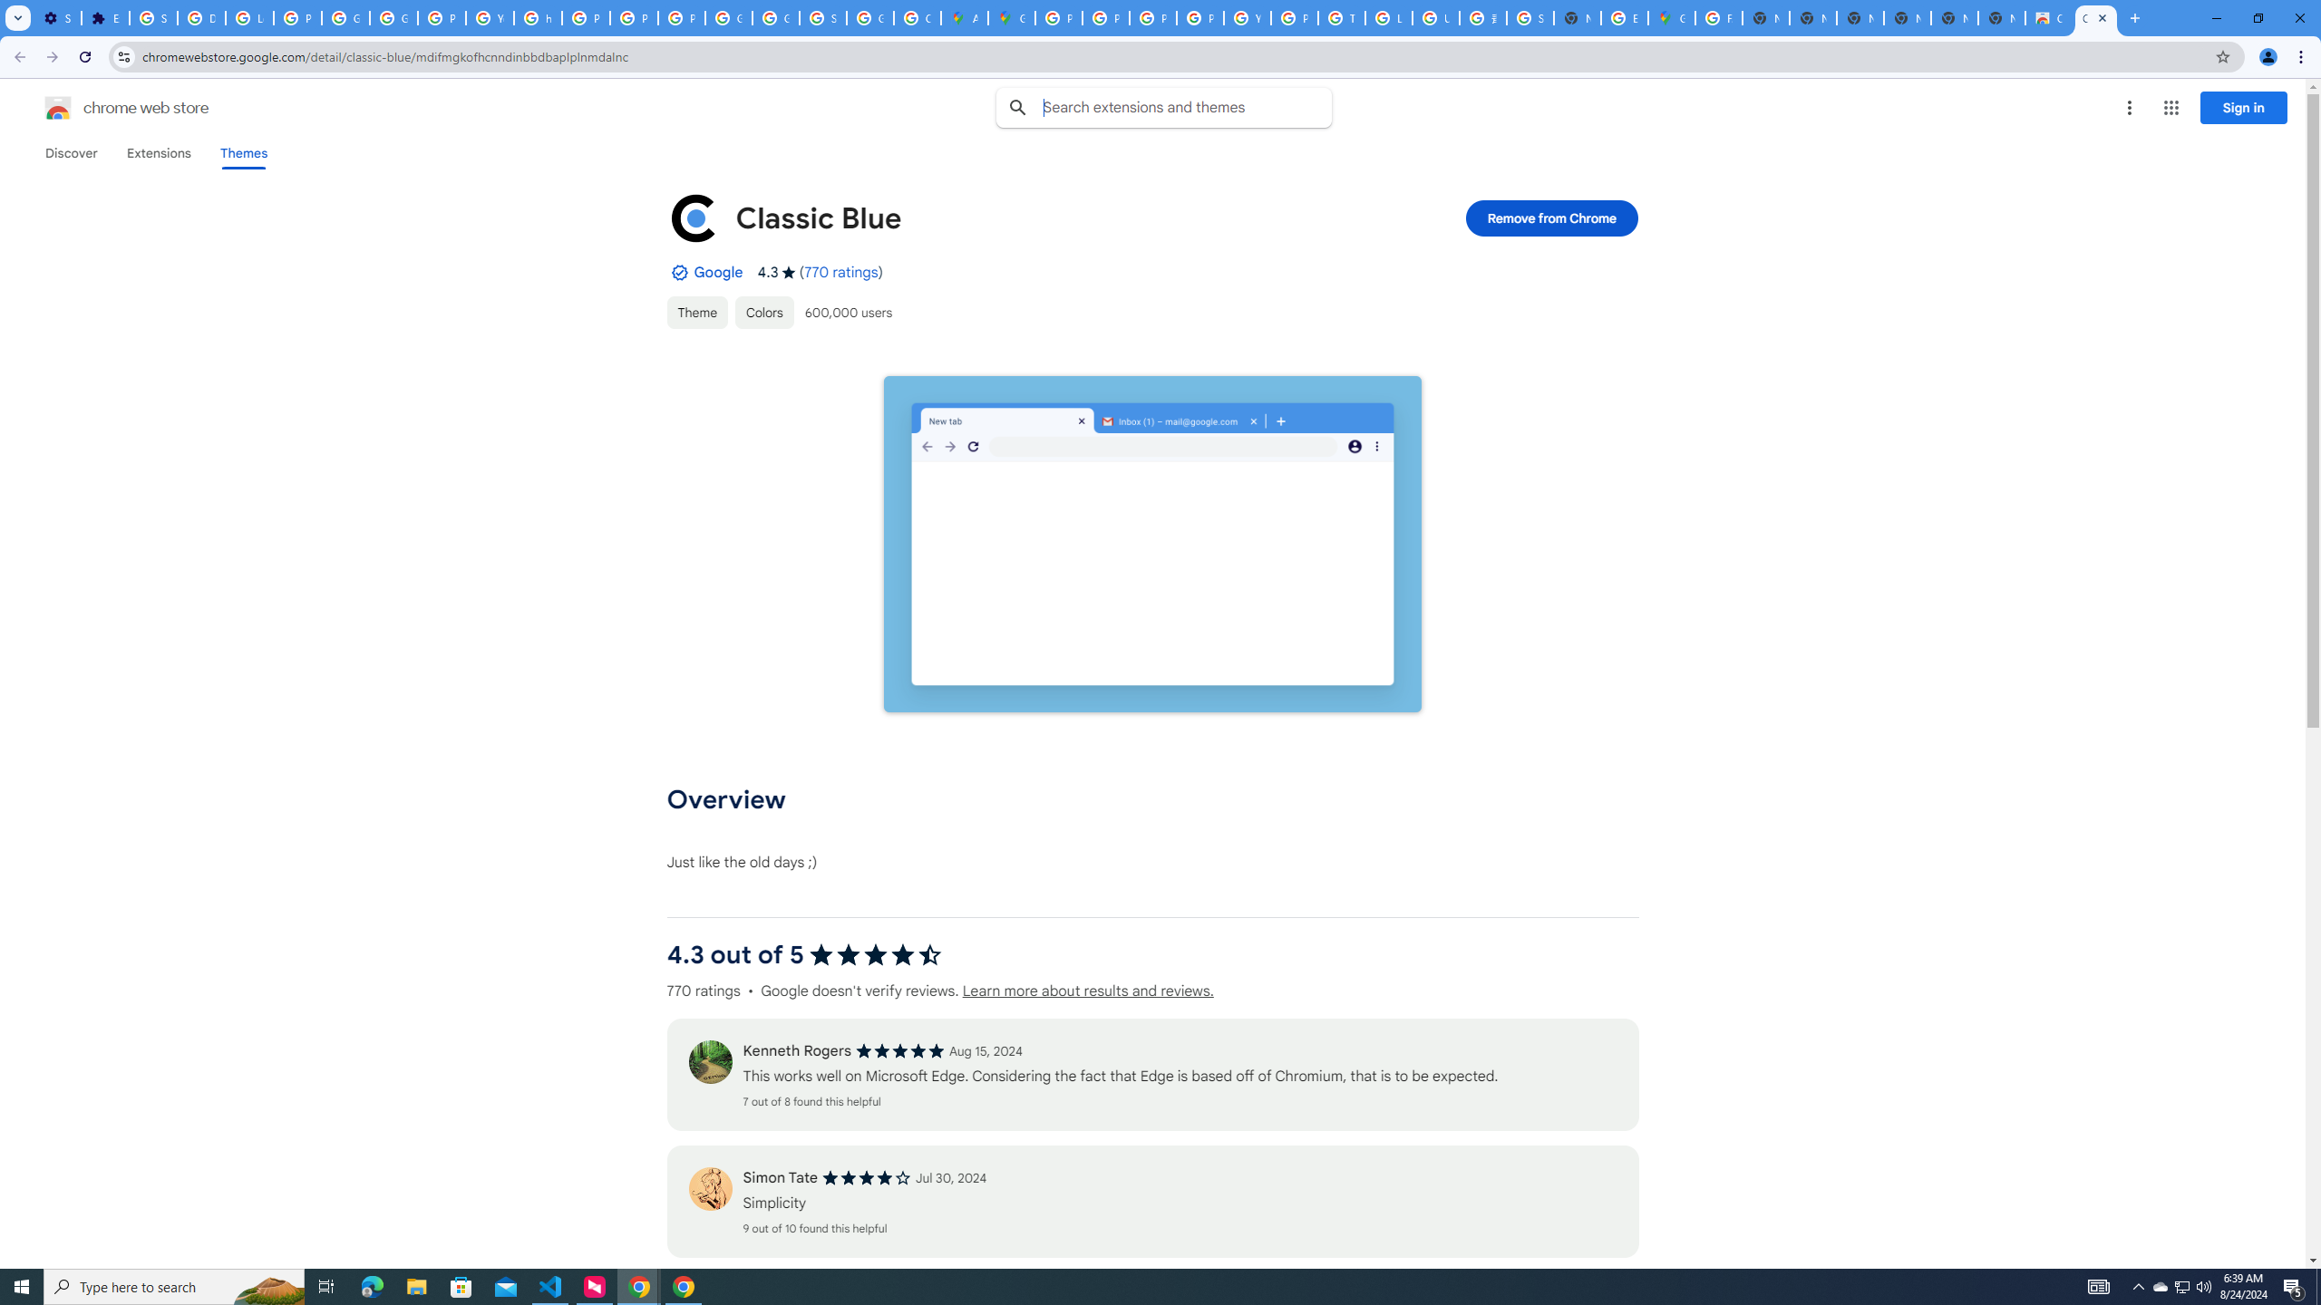 The image size is (2321, 1305). What do you see at coordinates (697, 312) in the screenshot?
I see `'Theme'` at bounding box center [697, 312].